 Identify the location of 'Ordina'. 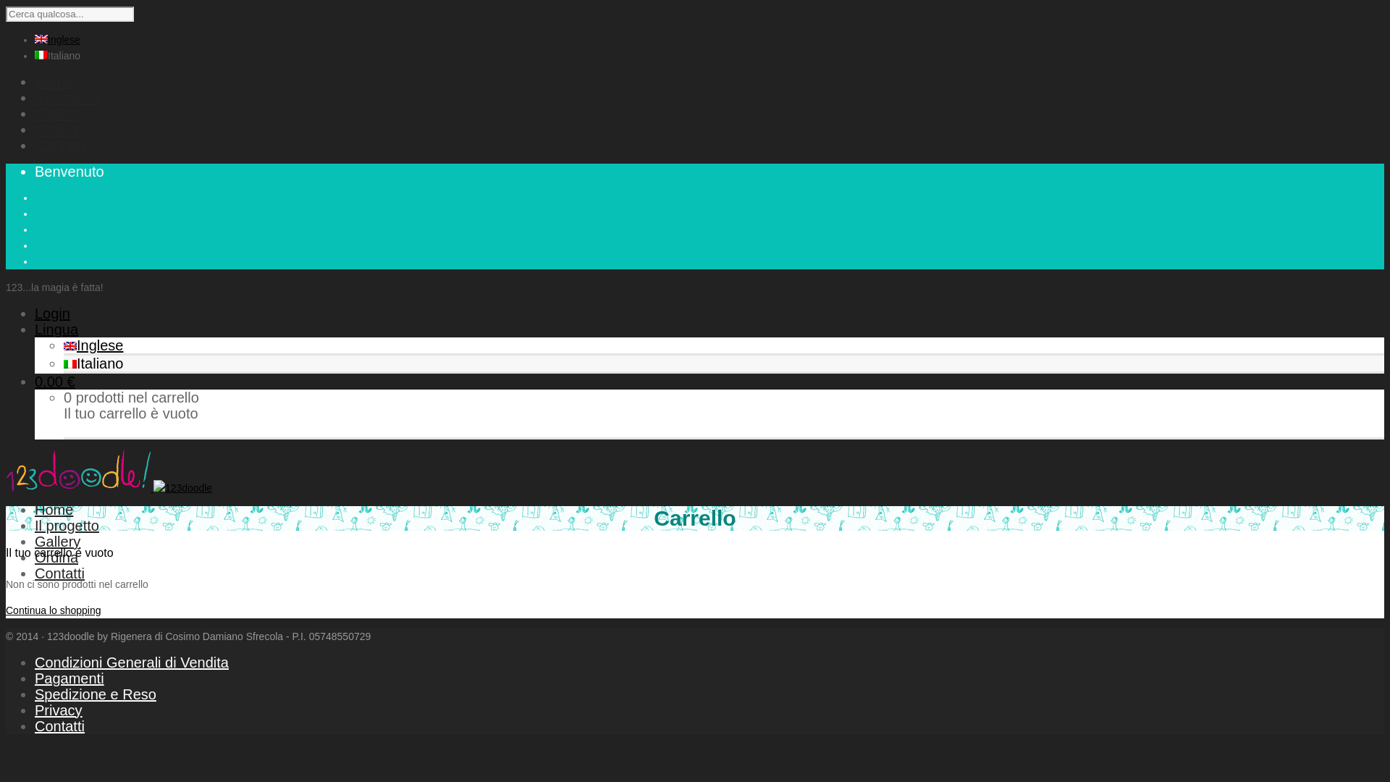
(56, 557).